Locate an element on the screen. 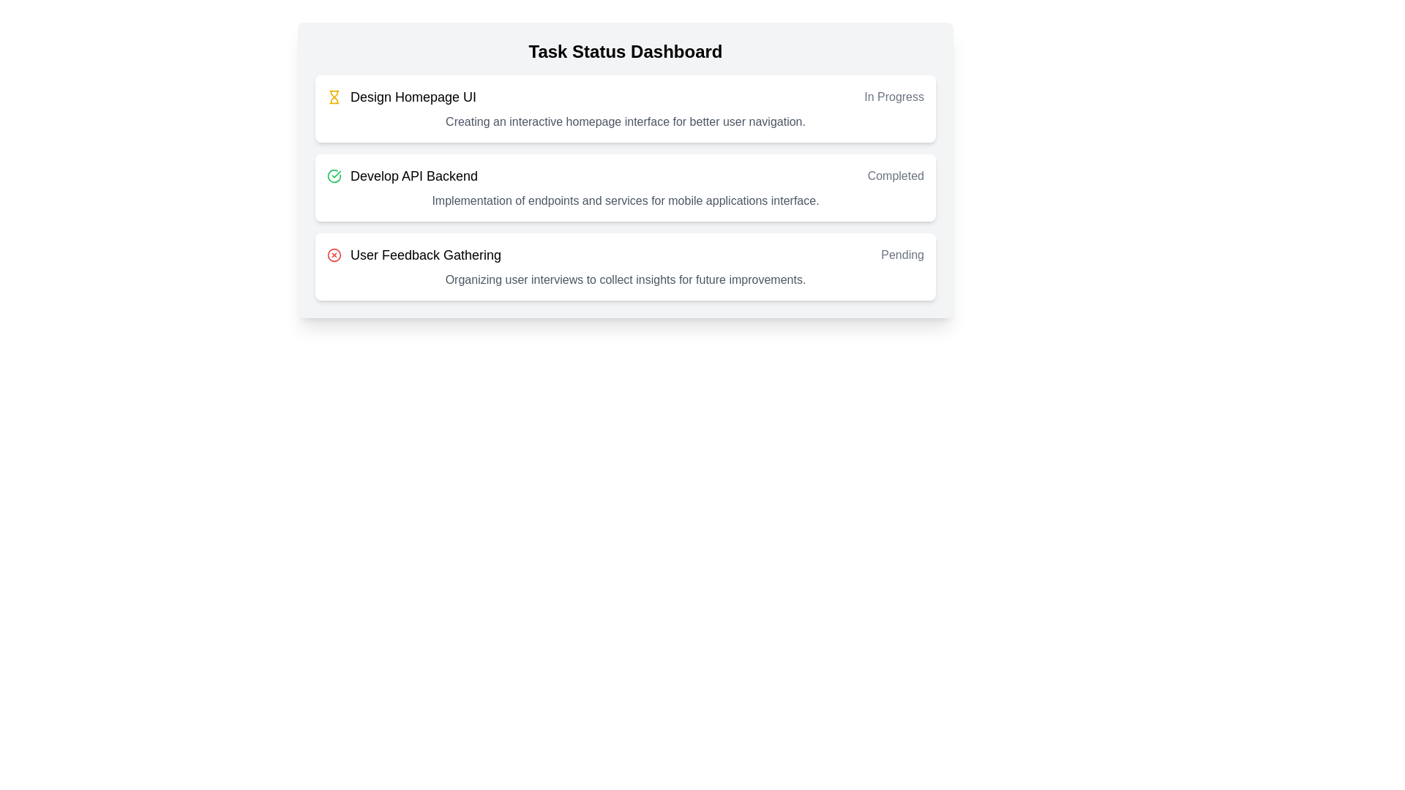 The width and height of the screenshot is (1405, 790). information provided in the first task status card located in the 'Task Status Dashboard' section, which includes the task's title, status, and a brief description is located at coordinates (625, 108).